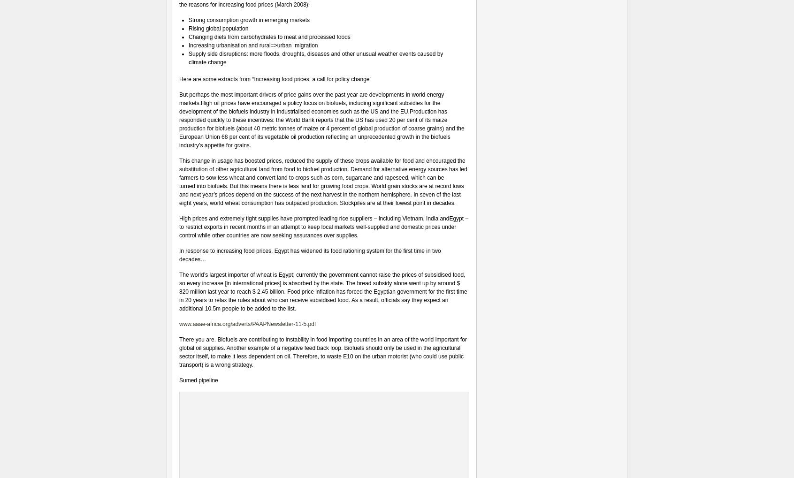  I want to click on 'Here are some extracts from “Increasing food prices: a call for policy change”', so click(275, 79).